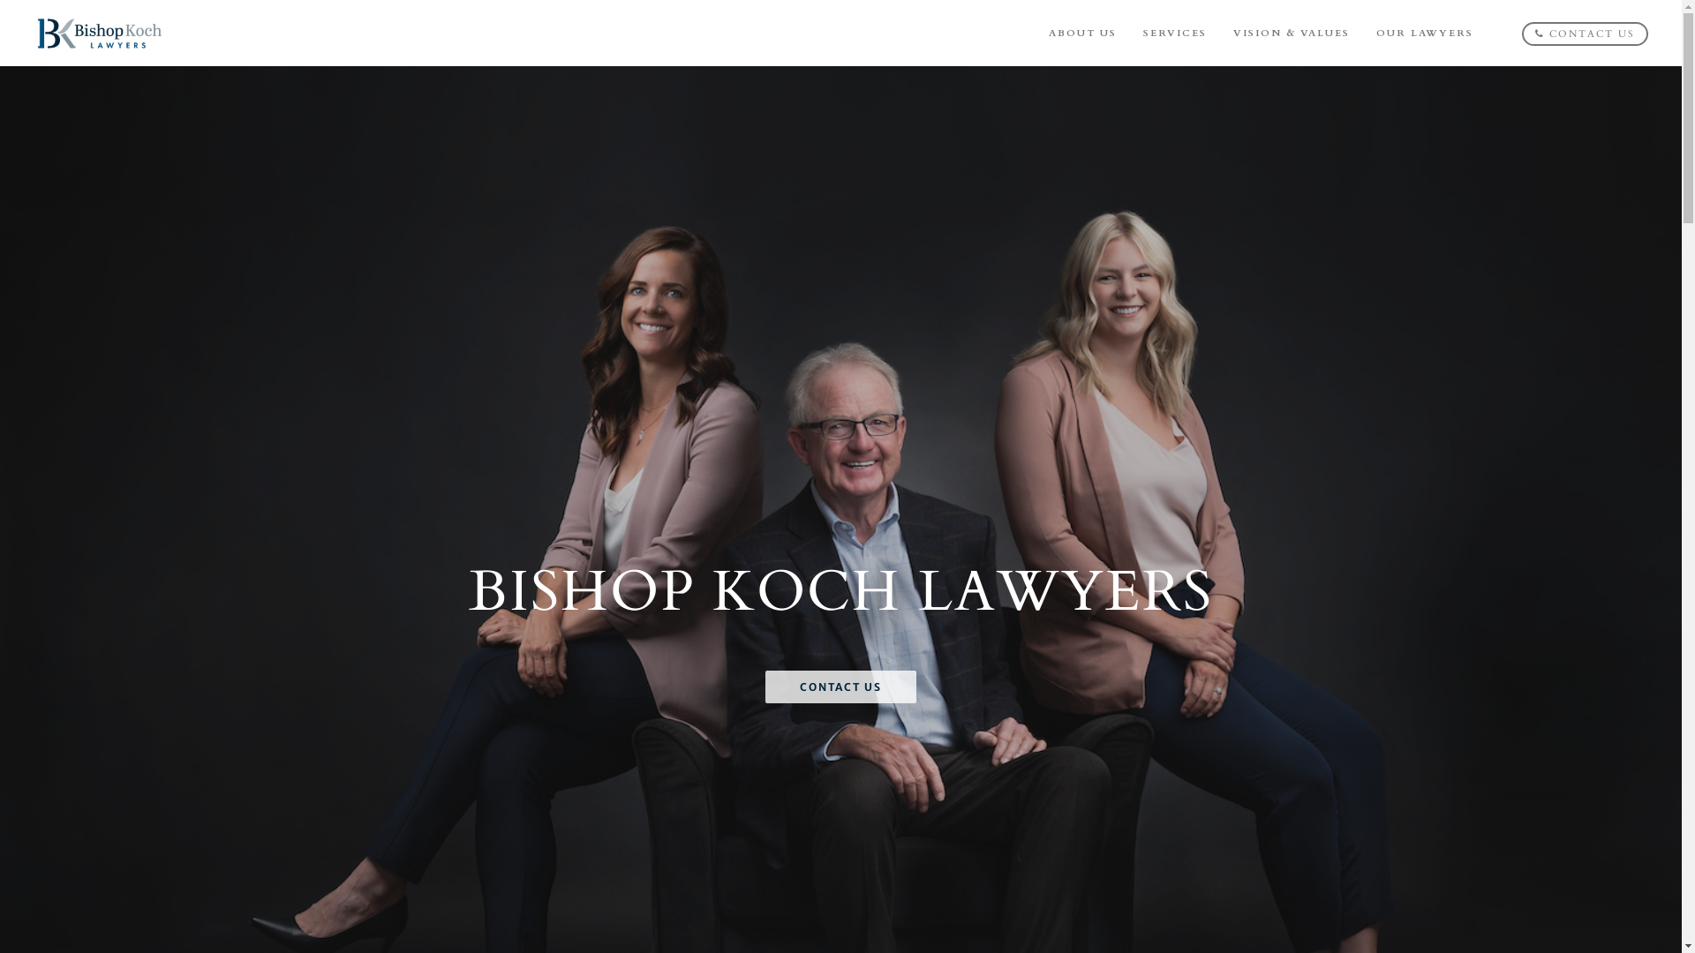  Describe the element at coordinates (99, 33) in the screenshot. I see `'Bishop Koch Lawyers'` at that location.